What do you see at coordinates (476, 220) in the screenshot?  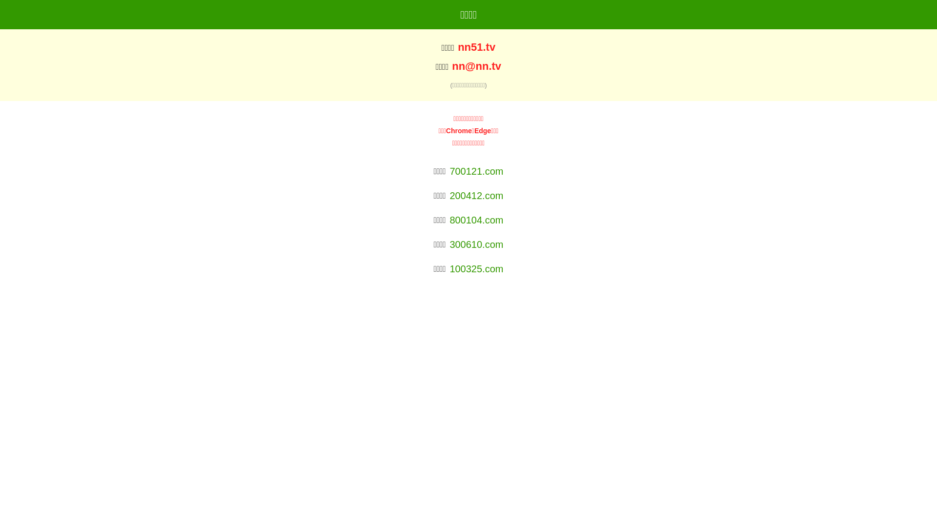 I see `'800104.com'` at bounding box center [476, 220].